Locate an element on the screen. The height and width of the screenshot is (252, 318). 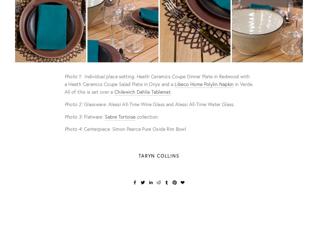
'.' is located at coordinates (171, 91).